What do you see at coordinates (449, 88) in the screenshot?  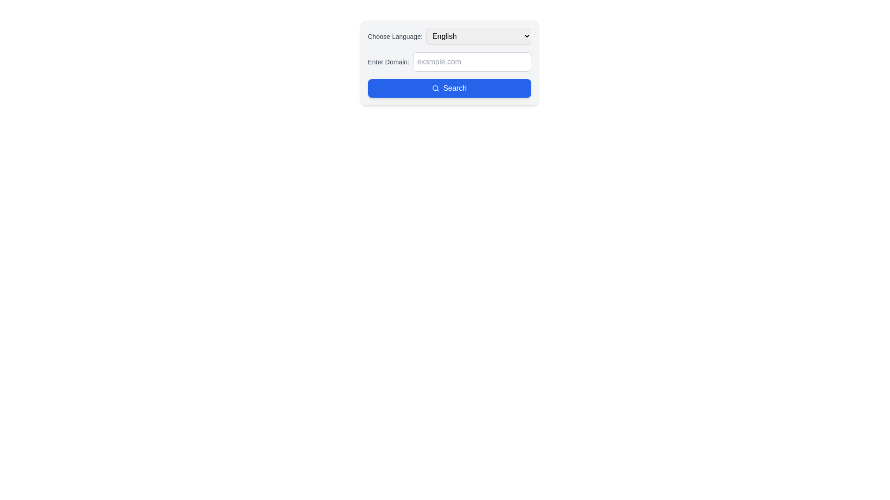 I see `the submit button located below the text input field with the placeholder 'example.com', which activates a search based on the entered domain and selected language` at bounding box center [449, 88].